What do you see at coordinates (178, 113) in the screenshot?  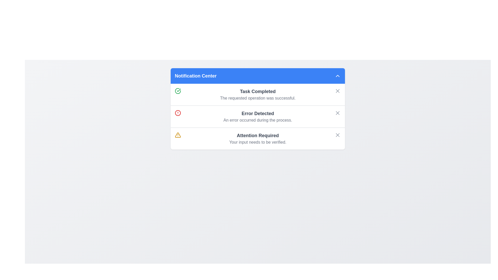 I see `the error icon located to the left of the 'Error Detected' text in the second notification row under 'Notification Center'` at bounding box center [178, 113].